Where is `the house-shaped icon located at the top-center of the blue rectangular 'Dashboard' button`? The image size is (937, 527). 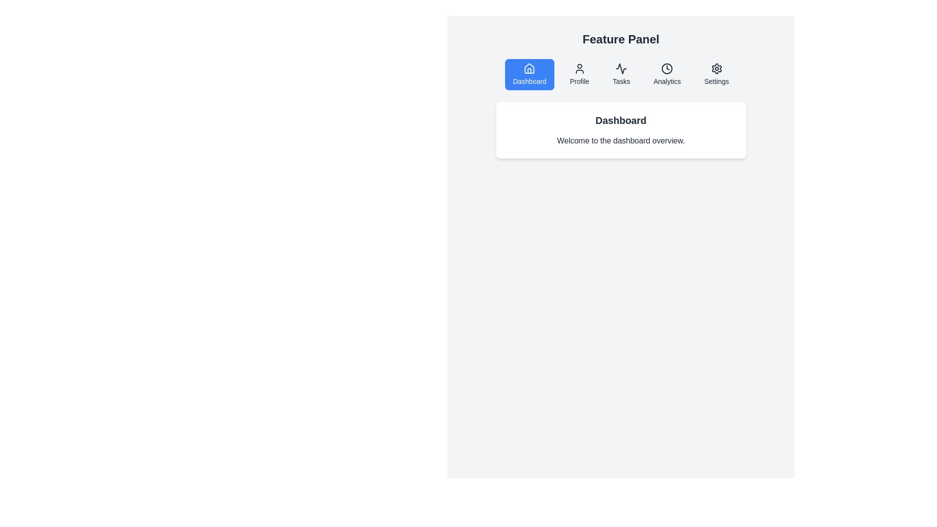
the house-shaped icon located at the top-center of the blue rectangular 'Dashboard' button is located at coordinates (529, 68).